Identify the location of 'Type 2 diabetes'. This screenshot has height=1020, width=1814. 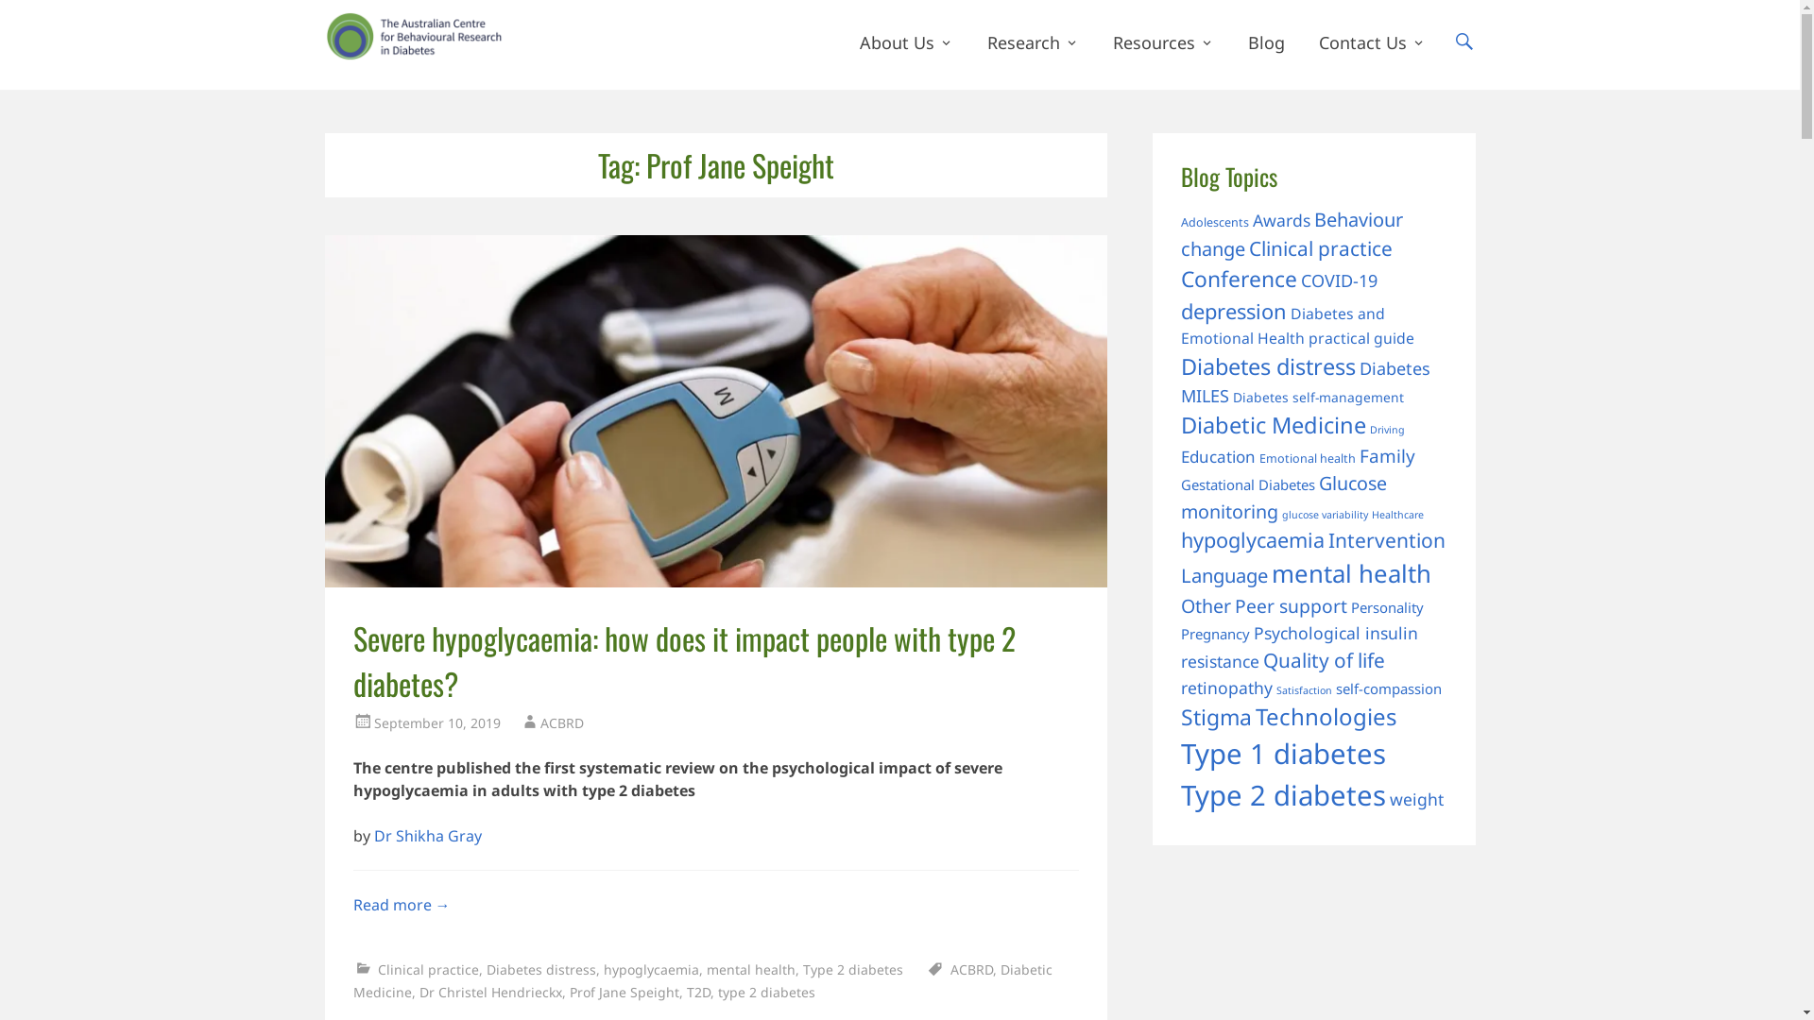
(1283, 794).